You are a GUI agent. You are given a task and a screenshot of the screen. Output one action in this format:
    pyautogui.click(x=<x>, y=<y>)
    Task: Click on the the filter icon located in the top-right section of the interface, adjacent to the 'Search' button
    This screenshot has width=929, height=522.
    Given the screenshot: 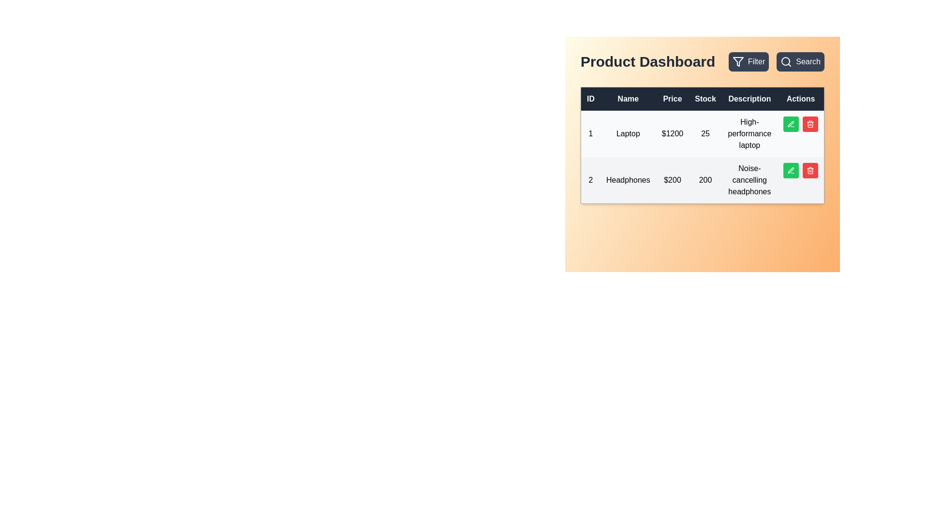 What is the action you would take?
    pyautogui.click(x=737, y=61)
    